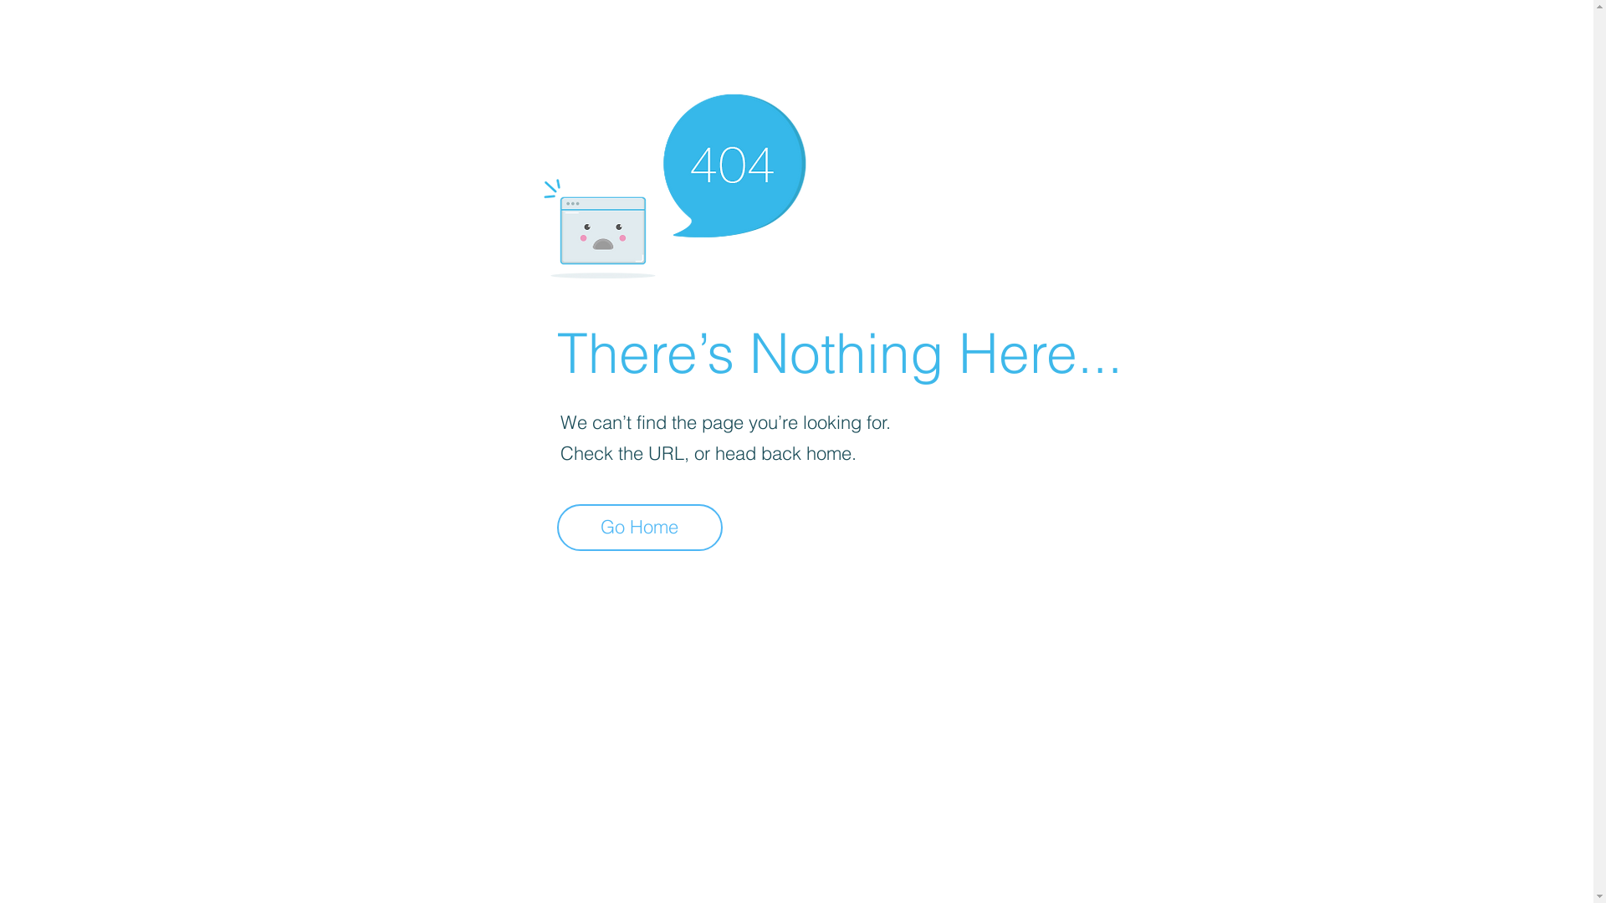 The image size is (1606, 903). Describe the element at coordinates (638, 528) in the screenshot. I see `'Go Home'` at that location.